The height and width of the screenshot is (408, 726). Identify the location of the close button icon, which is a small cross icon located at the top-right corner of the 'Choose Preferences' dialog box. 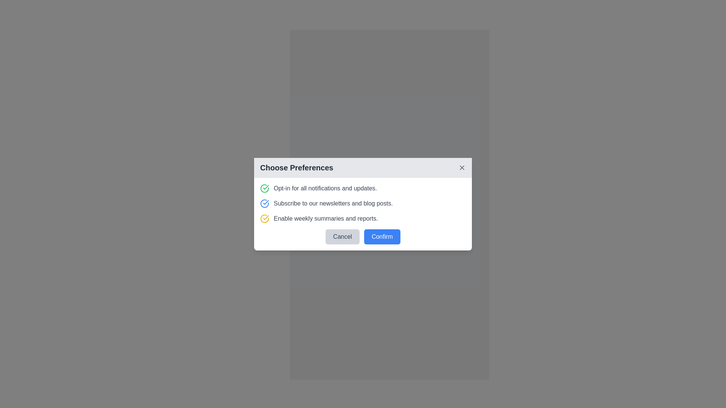
(462, 167).